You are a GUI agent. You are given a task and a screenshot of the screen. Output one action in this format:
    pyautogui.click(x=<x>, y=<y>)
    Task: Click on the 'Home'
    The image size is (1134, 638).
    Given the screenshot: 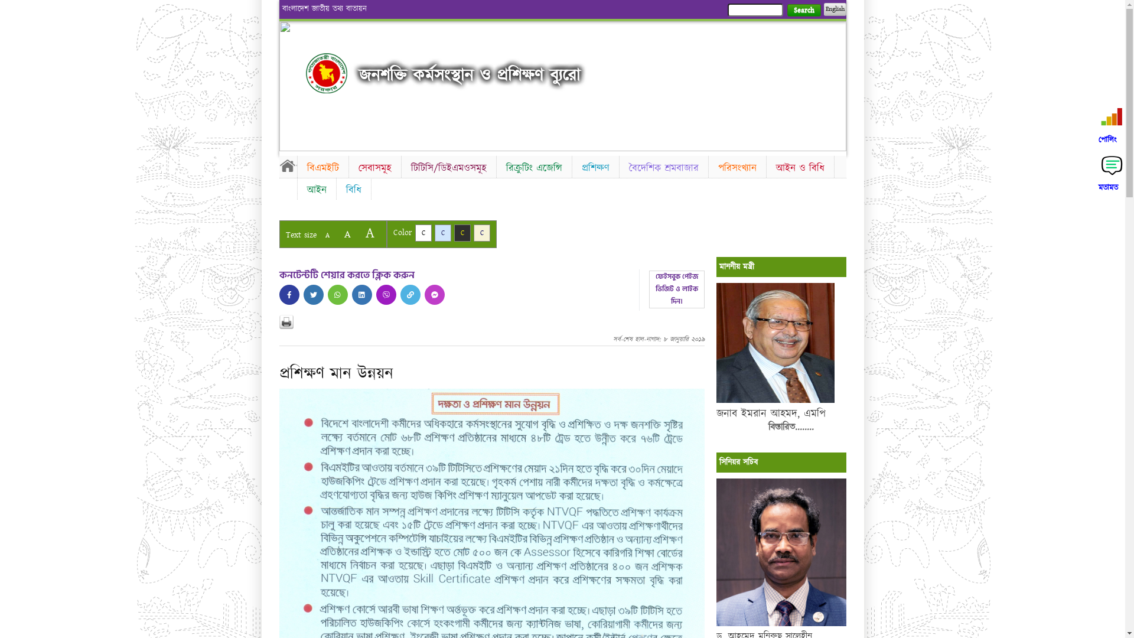 What is the action you would take?
    pyautogui.click(x=287, y=165)
    